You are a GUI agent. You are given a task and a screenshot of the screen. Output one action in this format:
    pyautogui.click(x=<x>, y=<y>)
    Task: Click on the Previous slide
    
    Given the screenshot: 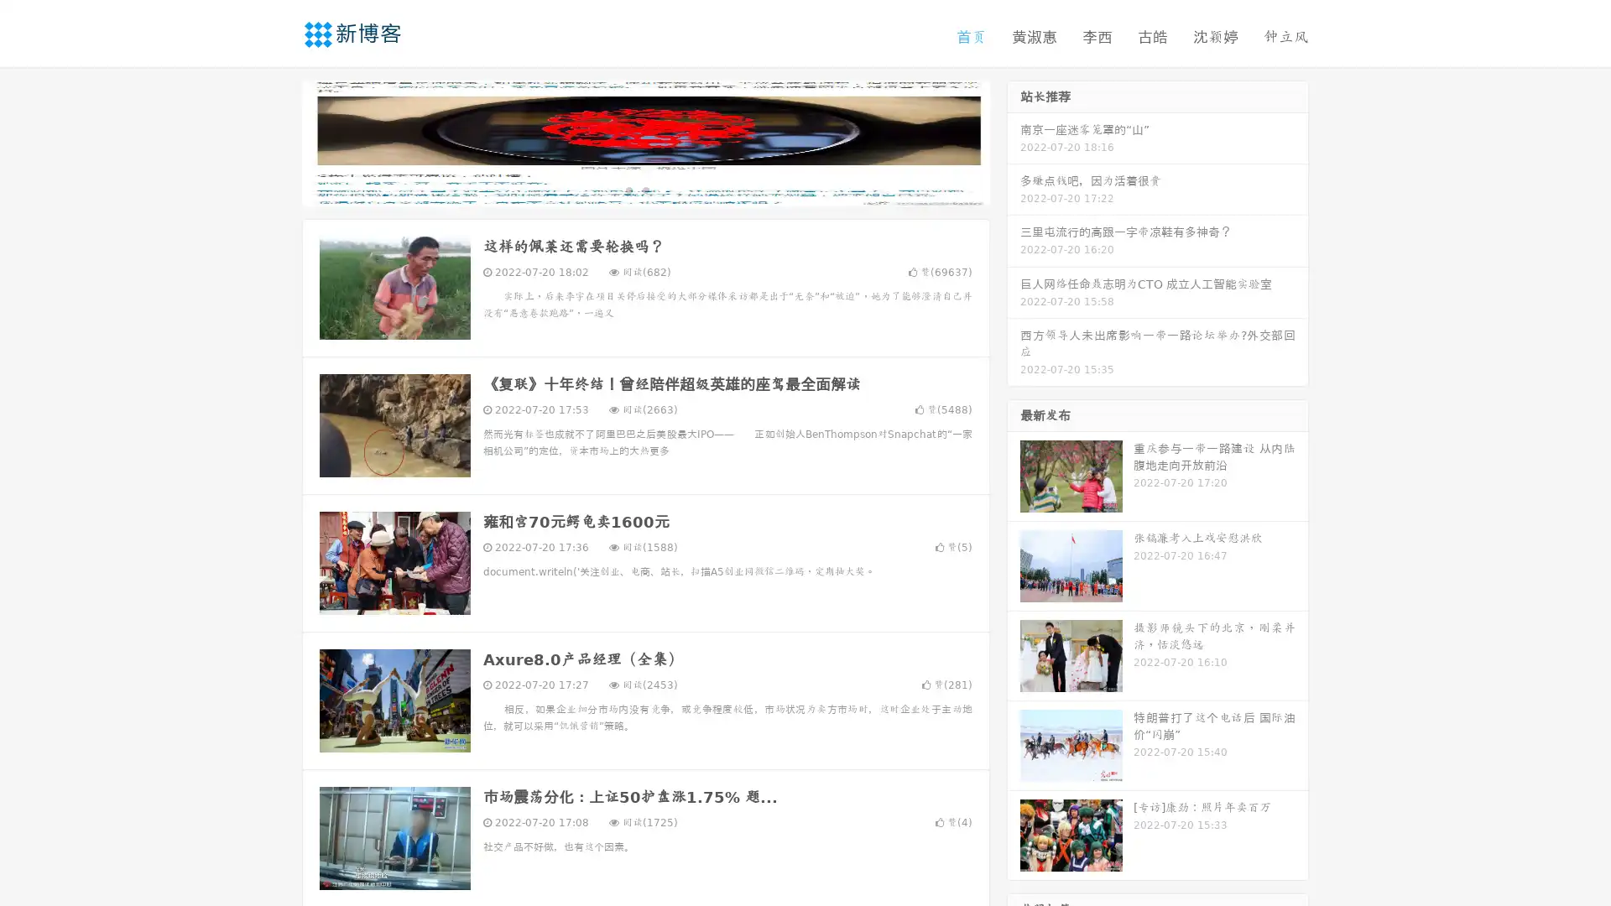 What is the action you would take?
    pyautogui.click(x=277, y=141)
    